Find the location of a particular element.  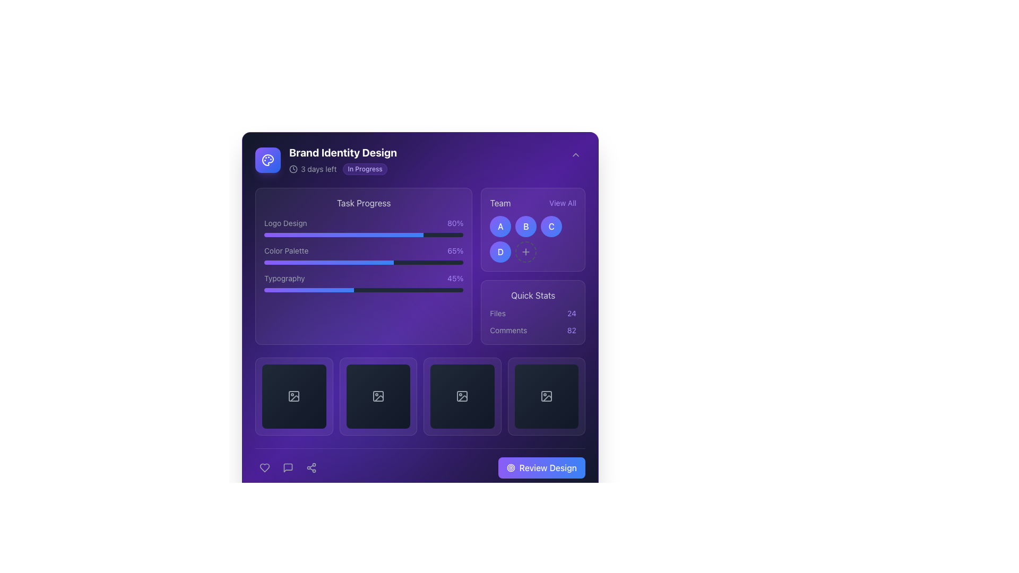

the small circular sharing icon composed of three connected dots arranged in a triangular layout, located as the rightmost icon in the bottom section of the interface to initiate a sharing action is located at coordinates (310, 467).